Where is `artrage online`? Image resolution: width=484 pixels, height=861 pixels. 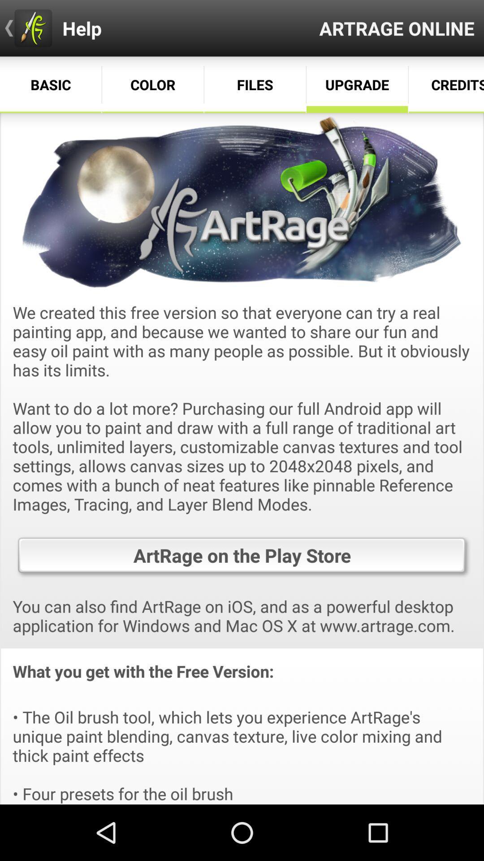
artrage online is located at coordinates (396, 28).